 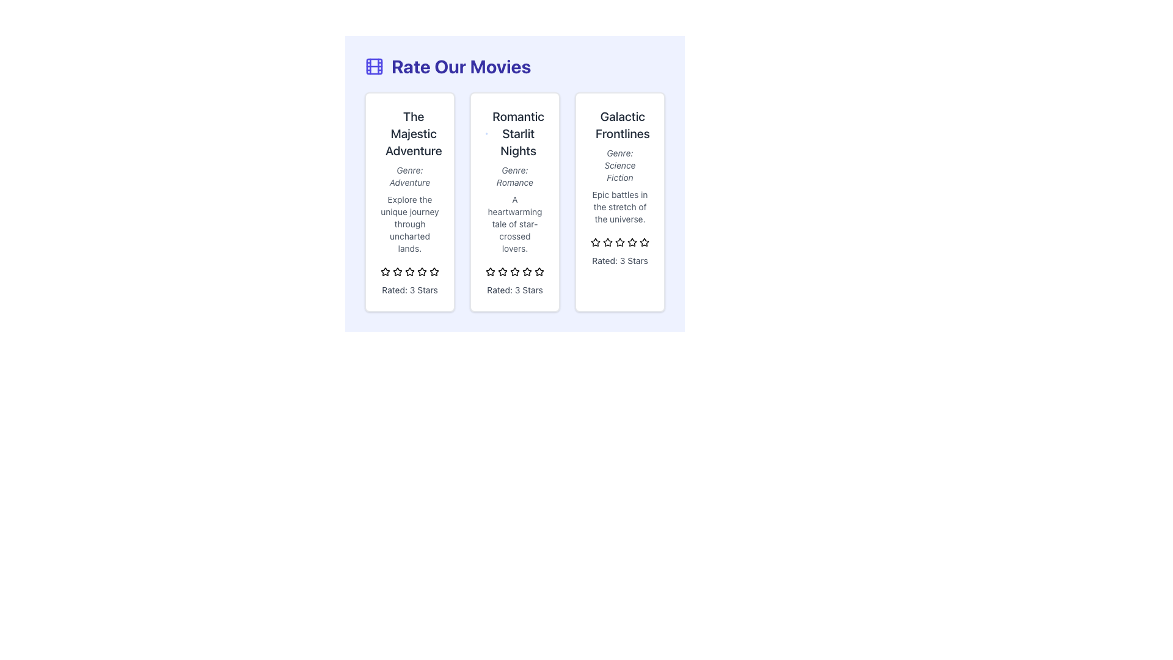 What do you see at coordinates (434, 271) in the screenshot?
I see `the fourth star icon in the rating row below the movie description of 'The Majestic Adventure'` at bounding box center [434, 271].